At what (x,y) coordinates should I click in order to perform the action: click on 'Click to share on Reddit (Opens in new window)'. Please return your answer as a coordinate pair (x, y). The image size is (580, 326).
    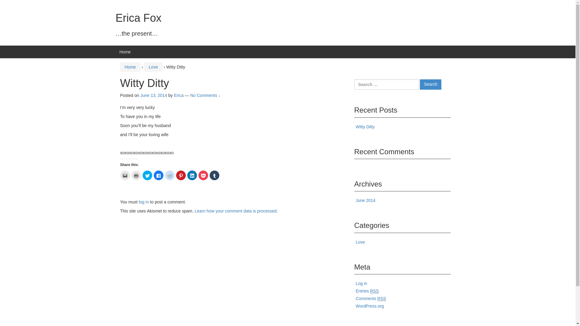
    Looking at the image, I should click on (165, 175).